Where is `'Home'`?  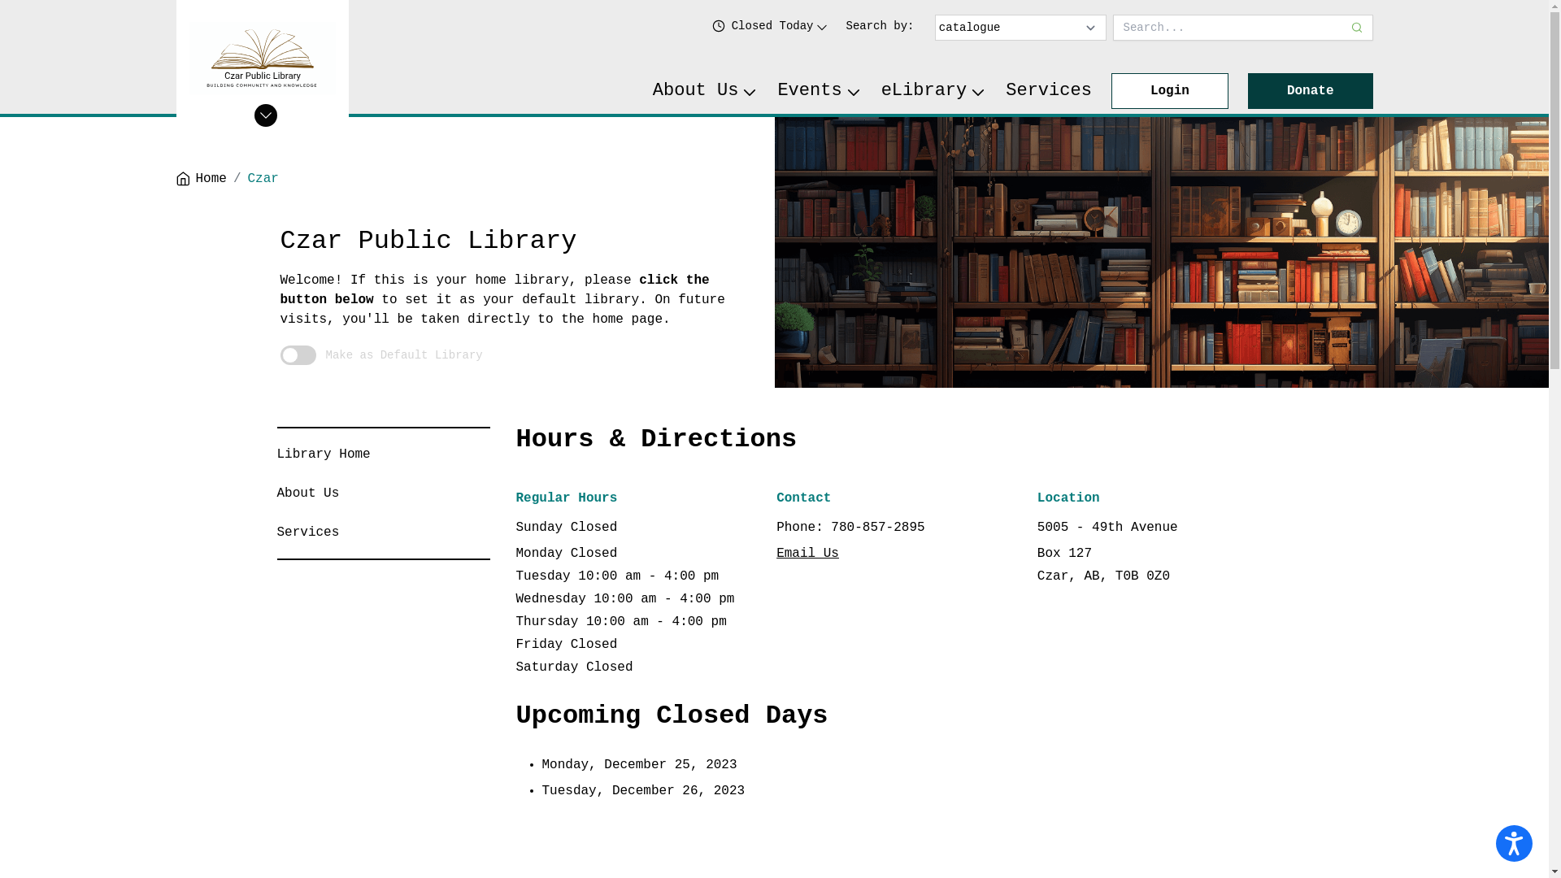
'Home' is located at coordinates (199, 178).